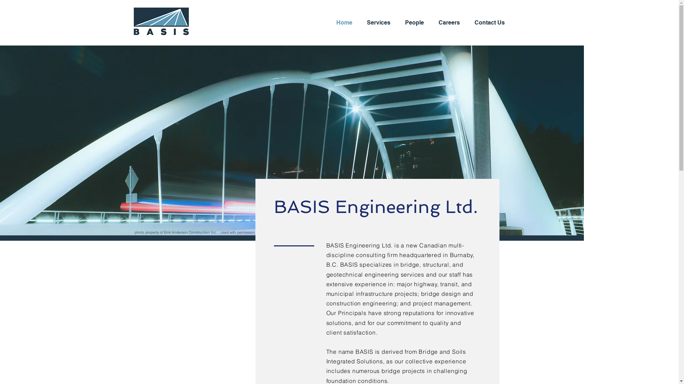 The width and height of the screenshot is (684, 384). I want to click on 'Services', so click(380, 22).